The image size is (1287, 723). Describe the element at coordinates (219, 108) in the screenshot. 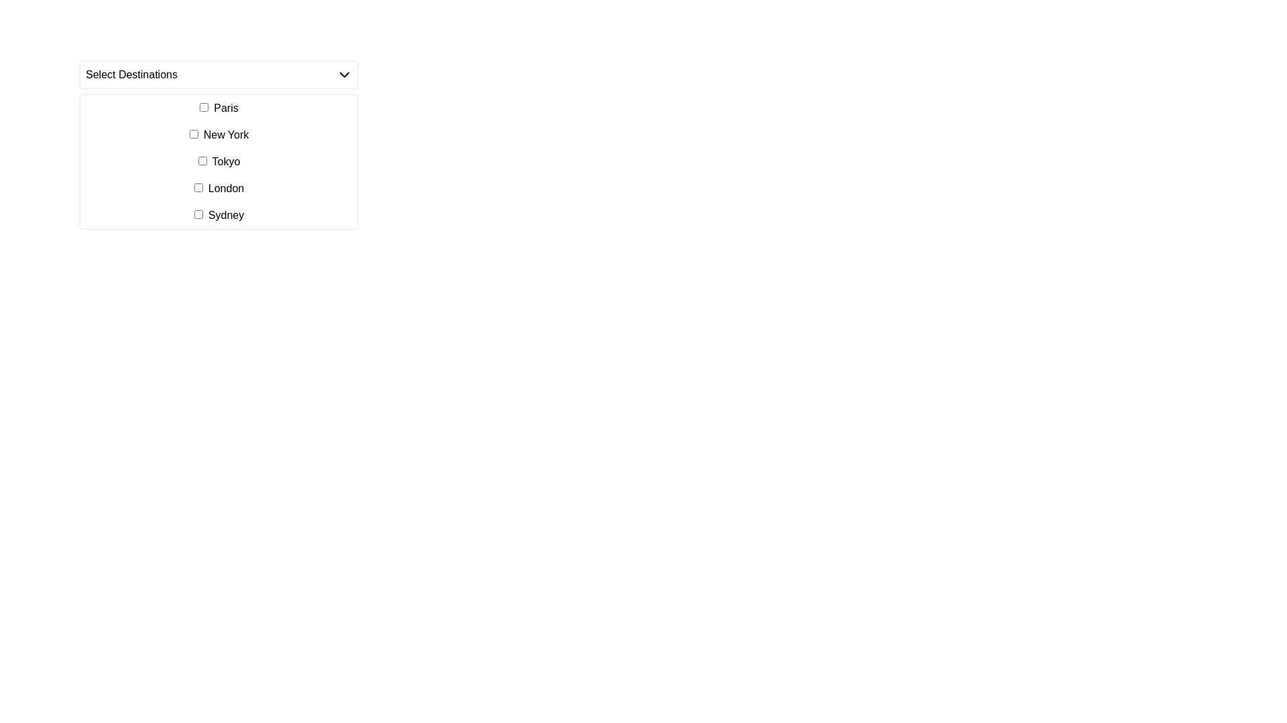

I see `the label associated with the 'Paris' checkbox` at that location.